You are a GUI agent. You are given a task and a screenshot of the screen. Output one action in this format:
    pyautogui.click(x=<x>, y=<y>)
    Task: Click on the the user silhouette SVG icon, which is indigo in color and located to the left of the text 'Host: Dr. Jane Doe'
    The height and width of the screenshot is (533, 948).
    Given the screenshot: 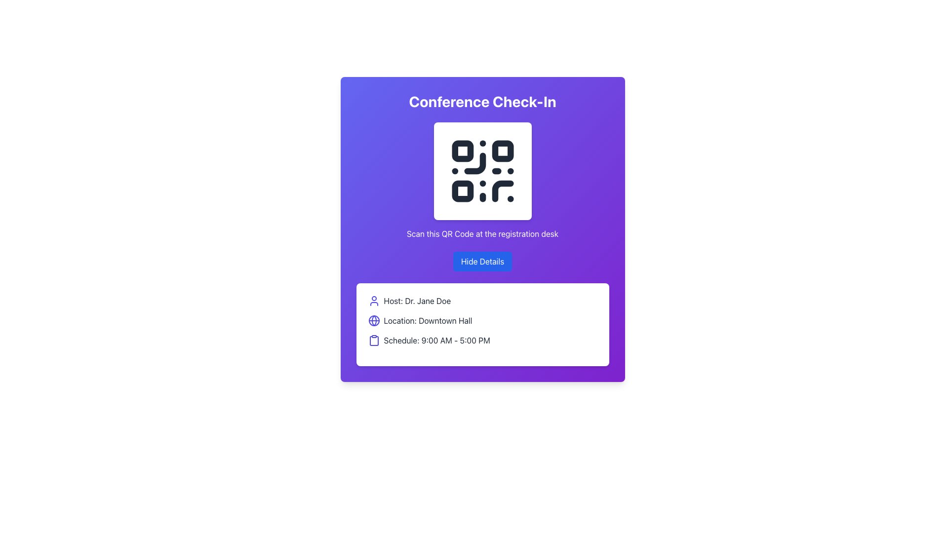 What is the action you would take?
    pyautogui.click(x=373, y=300)
    